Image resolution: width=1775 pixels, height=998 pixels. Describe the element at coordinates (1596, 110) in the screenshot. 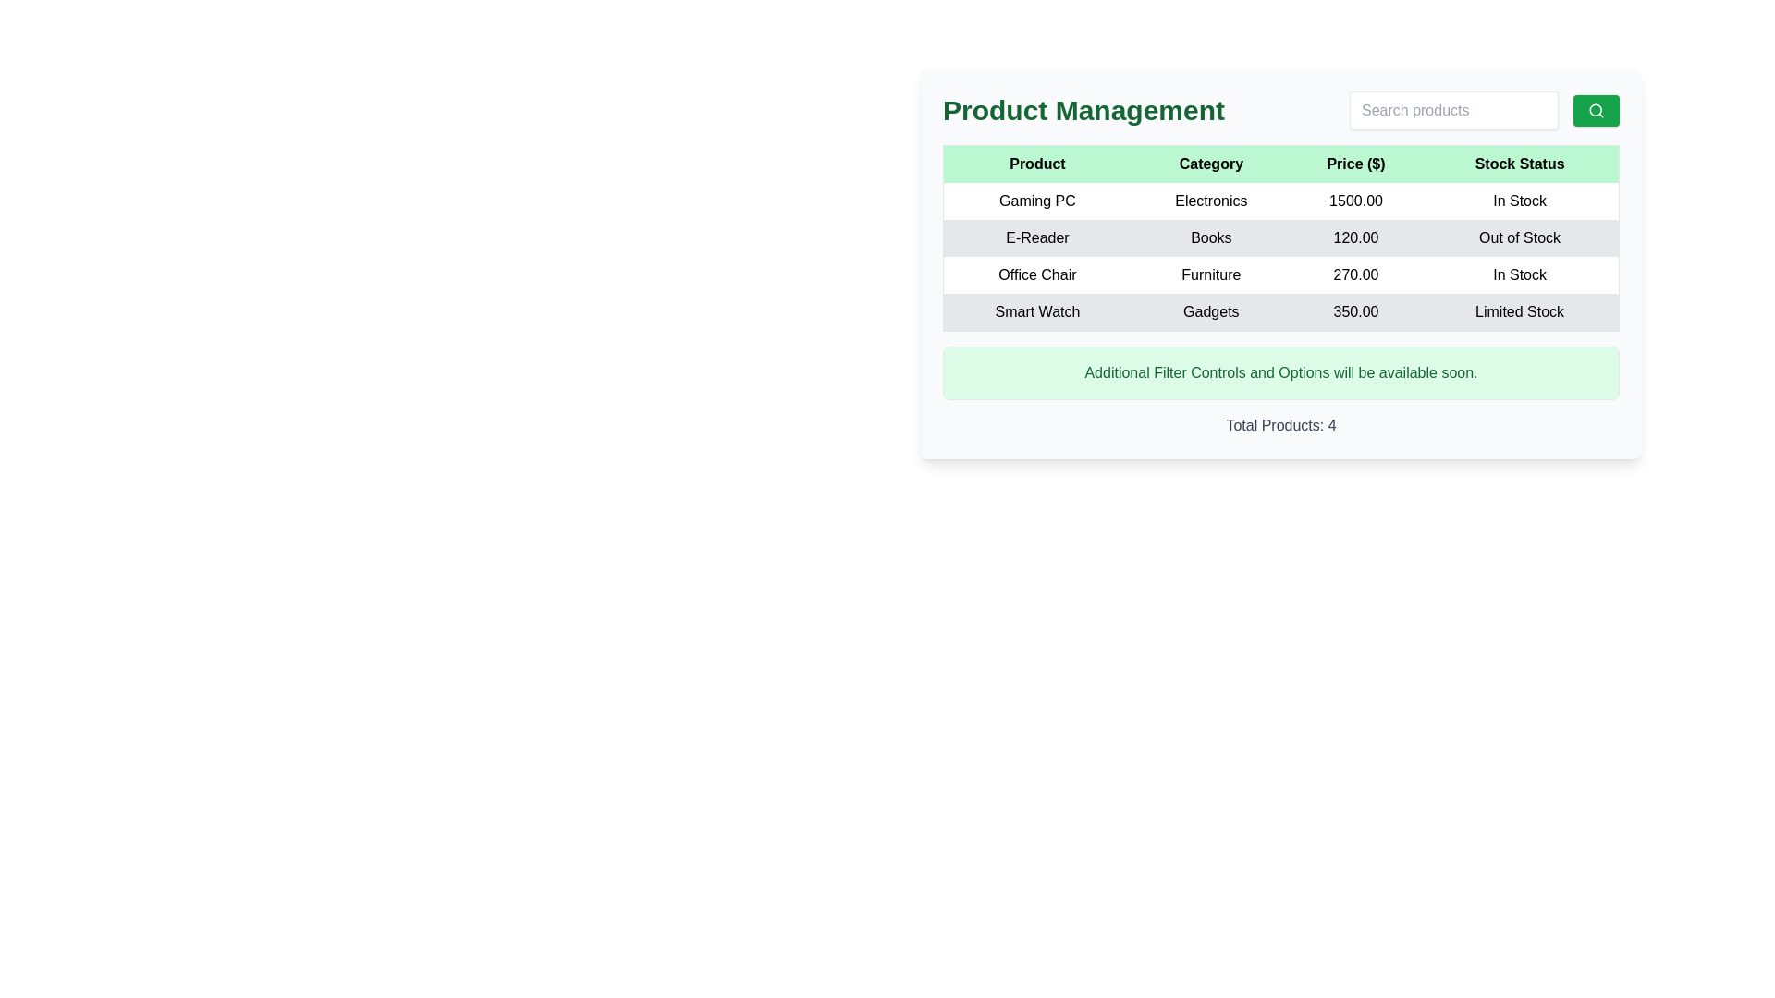

I see `the magnifying glass icon with a green background, located inside a green button to the right of the search input field` at that location.